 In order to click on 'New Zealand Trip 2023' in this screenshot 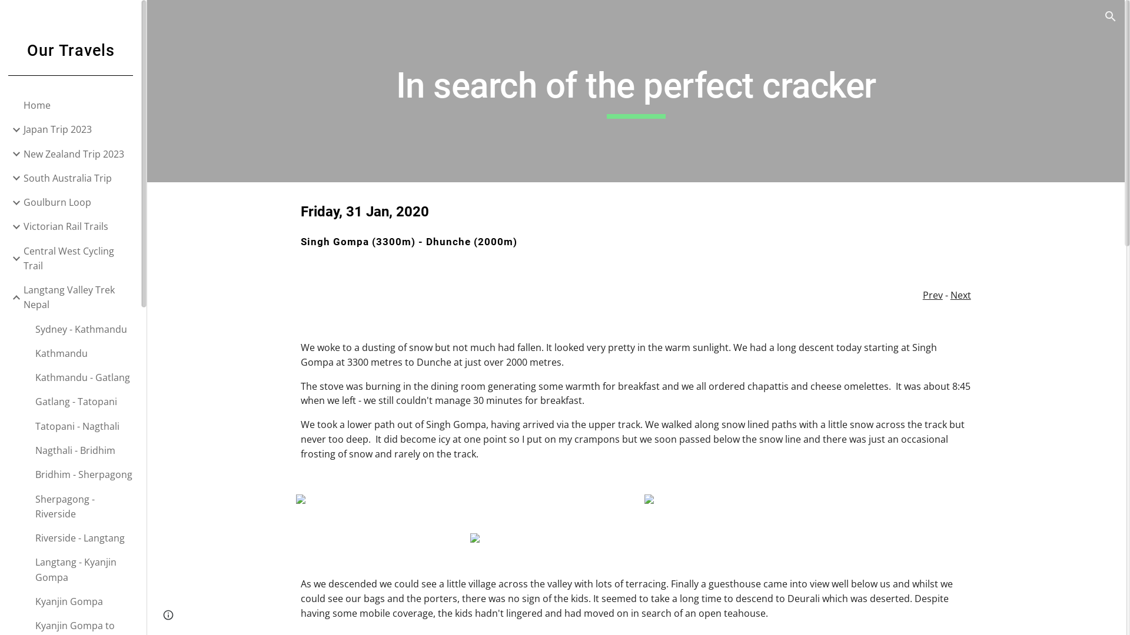, I will do `click(21, 153)`.